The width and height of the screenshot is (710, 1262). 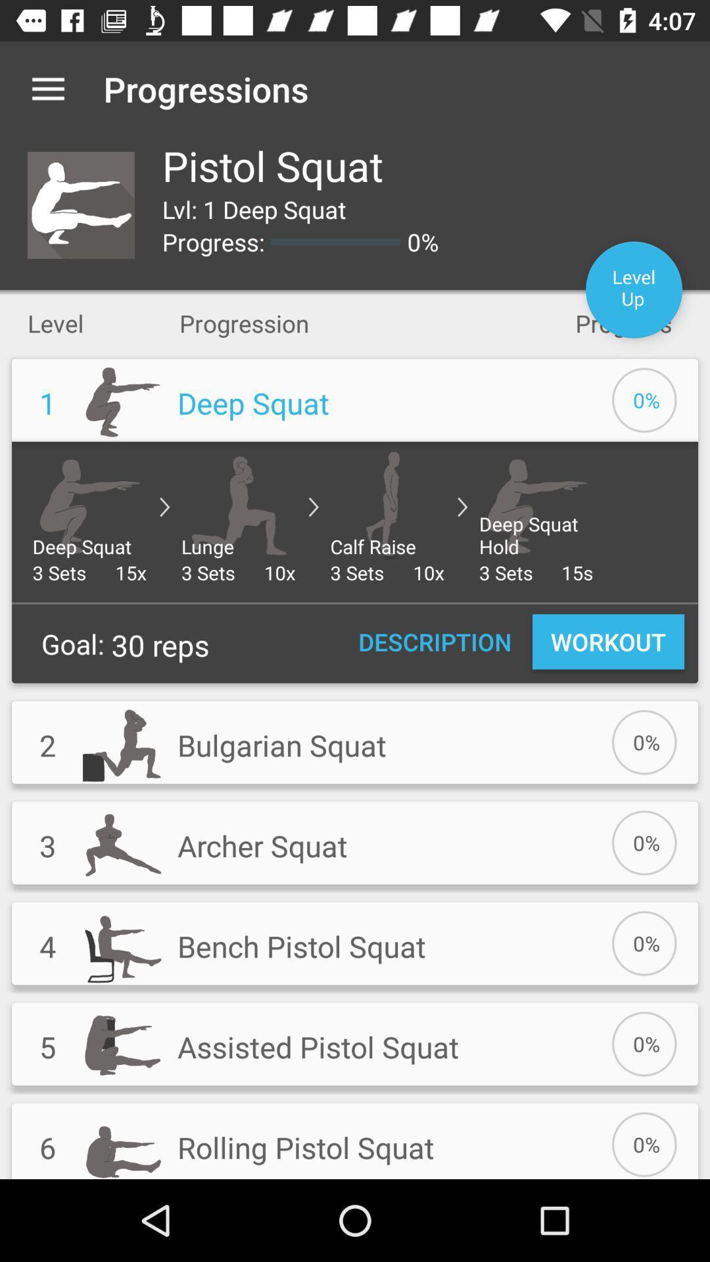 I want to click on the icon above bulgarian squat, so click(x=435, y=642).